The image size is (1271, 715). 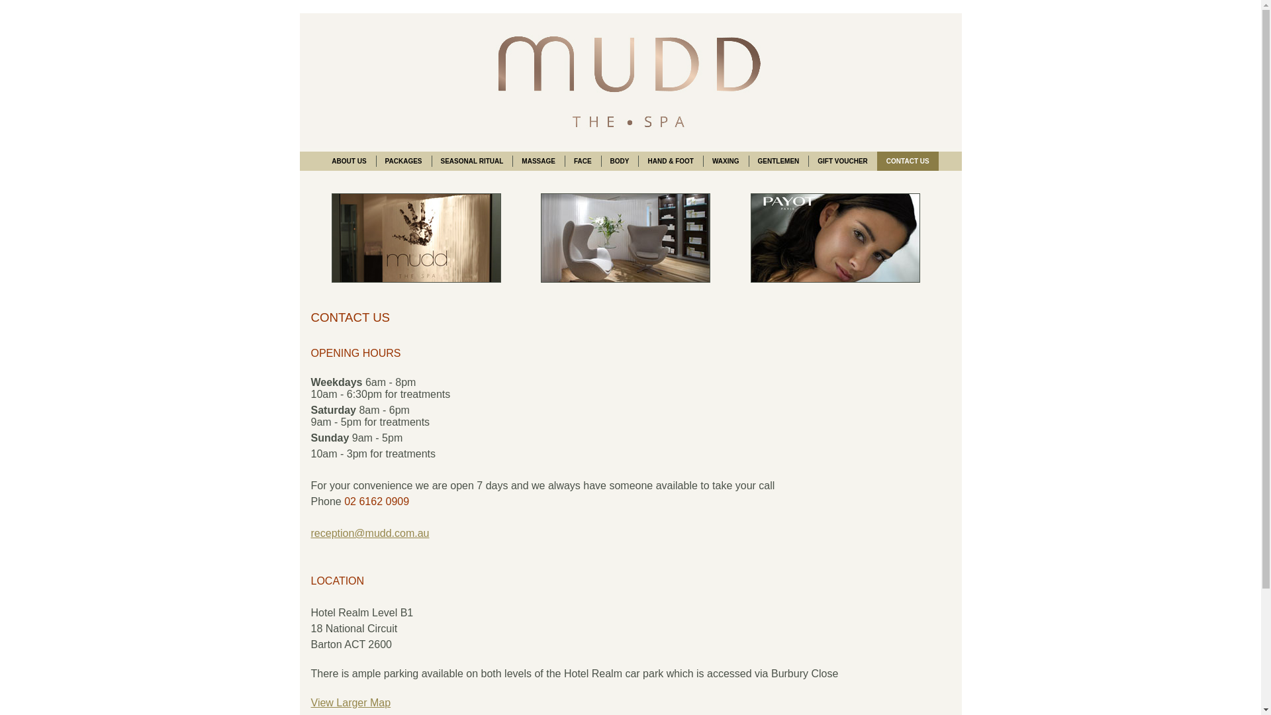 What do you see at coordinates (725, 160) in the screenshot?
I see `'WAXING'` at bounding box center [725, 160].